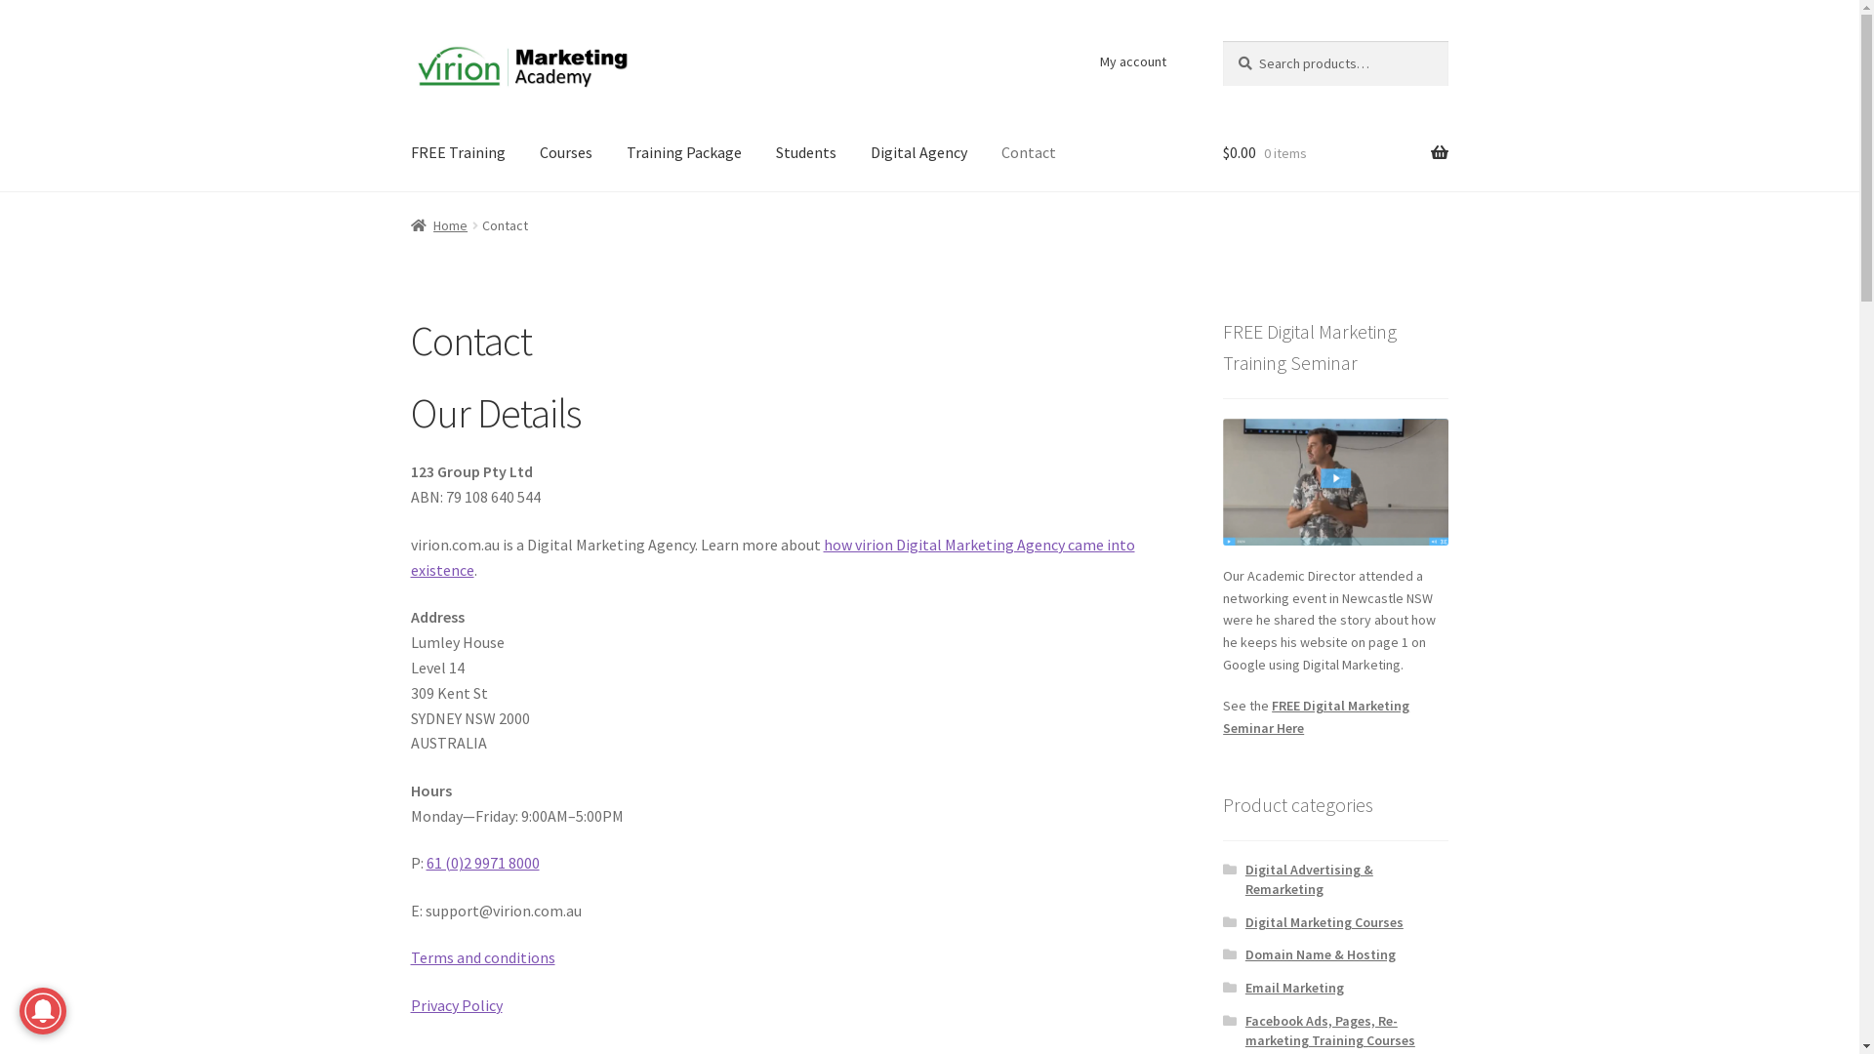 The width and height of the screenshot is (1874, 1054). I want to click on 'Courses', so click(565, 152).